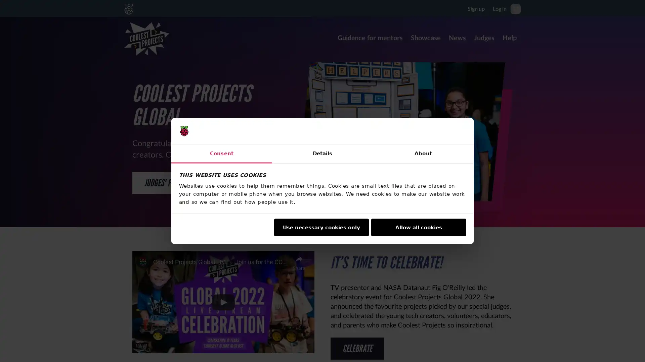 This screenshot has height=362, width=645. I want to click on Allow all cookies, so click(418, 227).